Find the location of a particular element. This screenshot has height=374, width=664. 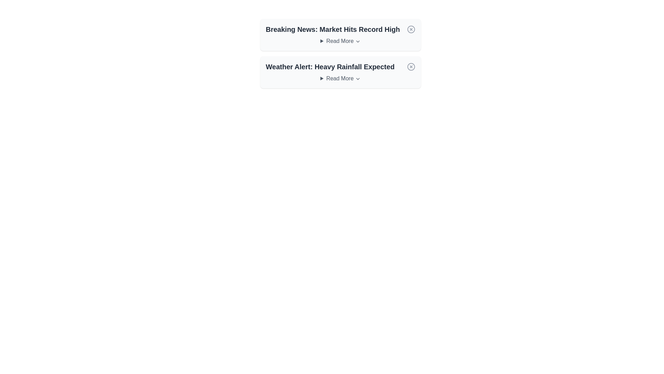

the 'Read More' section of the first news card to expand its details is located at coordinates (340, 41).